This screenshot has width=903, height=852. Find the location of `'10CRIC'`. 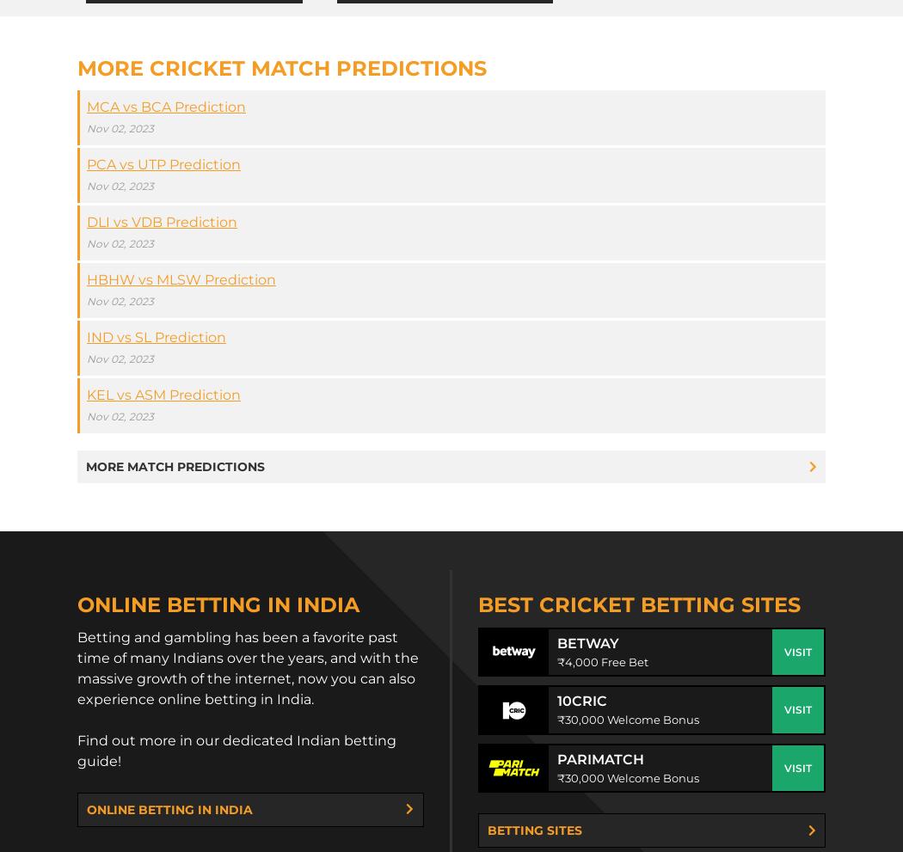

'10CRIC' is located at coordinates (580, 700).